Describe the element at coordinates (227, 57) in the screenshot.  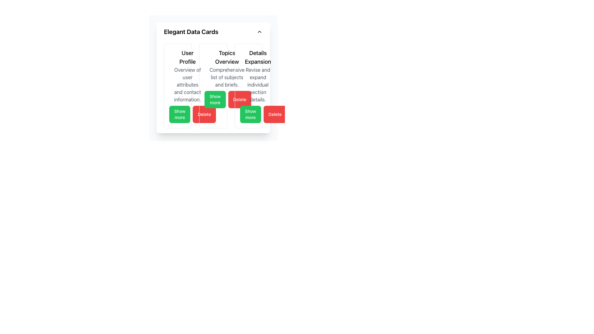
I see `text label that serves as the title for the card labeled 'Topics Overview', located at the center-top of the card, indicating an overview of topics` at that location.